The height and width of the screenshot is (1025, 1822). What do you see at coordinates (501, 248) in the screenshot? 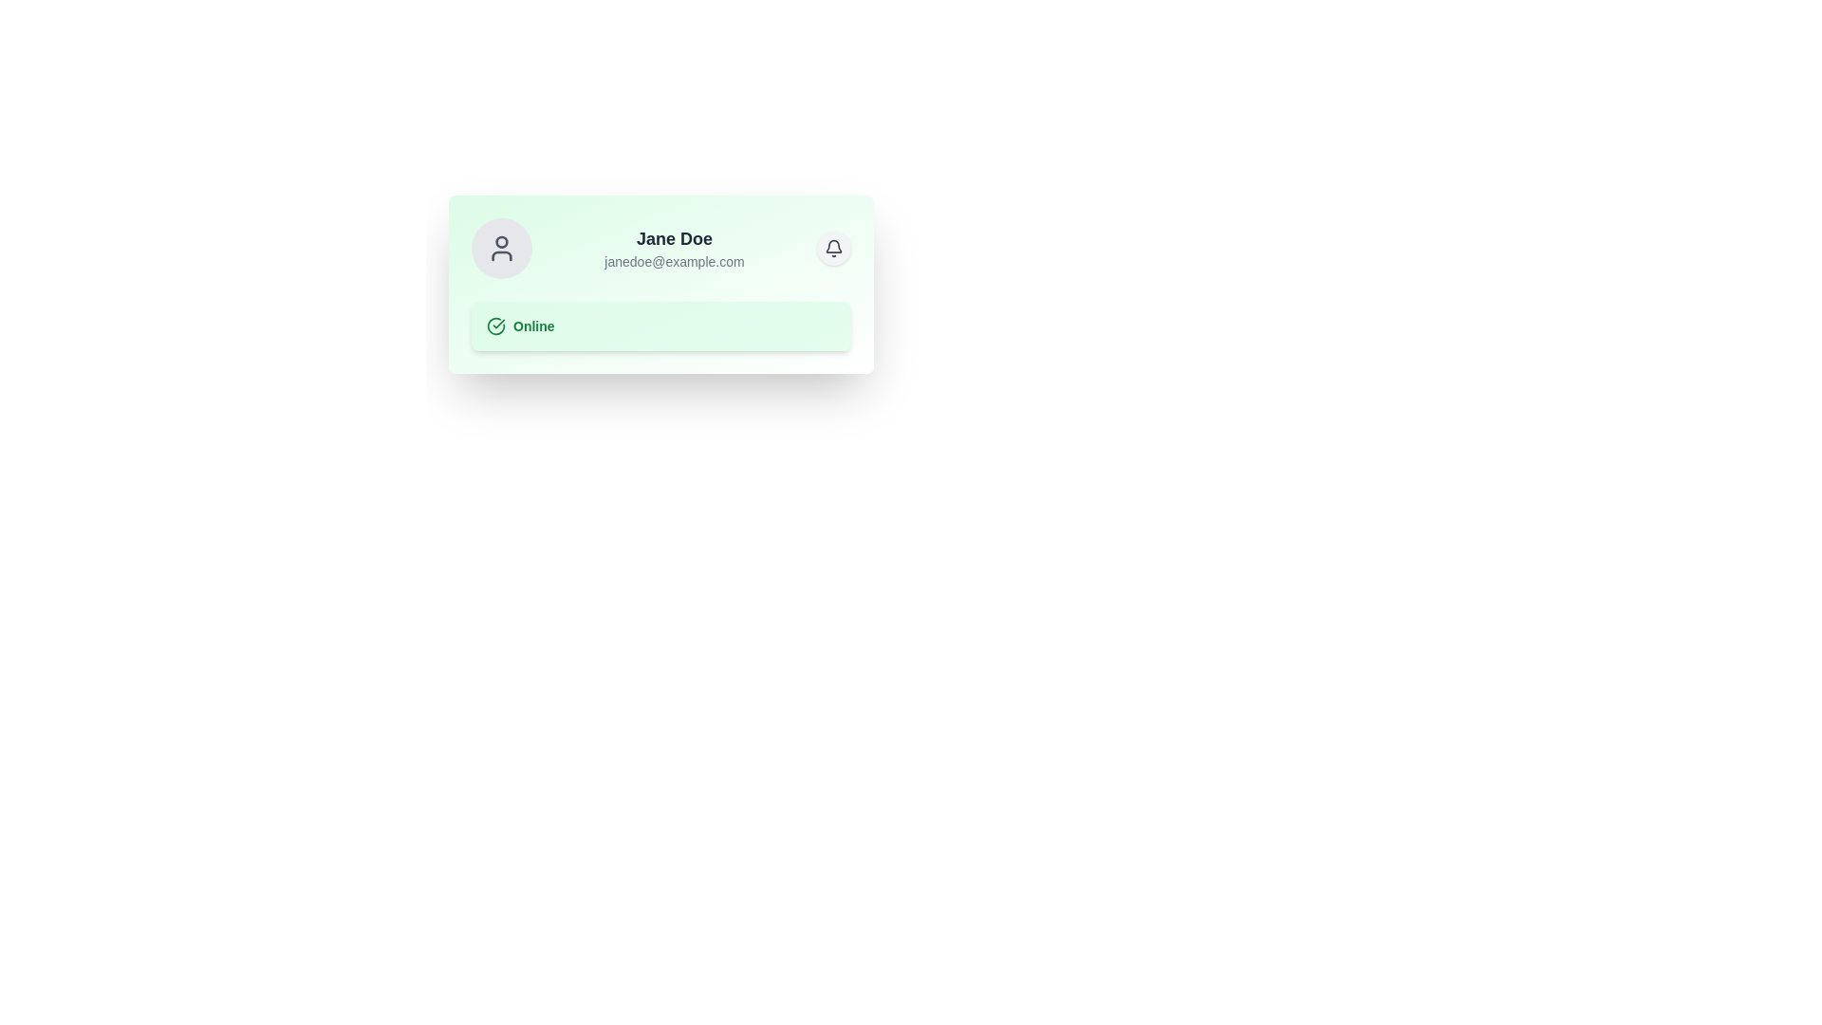
I see `the user icon, which is a dark gray outlined icon within a circular background located in the upper-left section of the user information card` at bounding box center [501, 248].